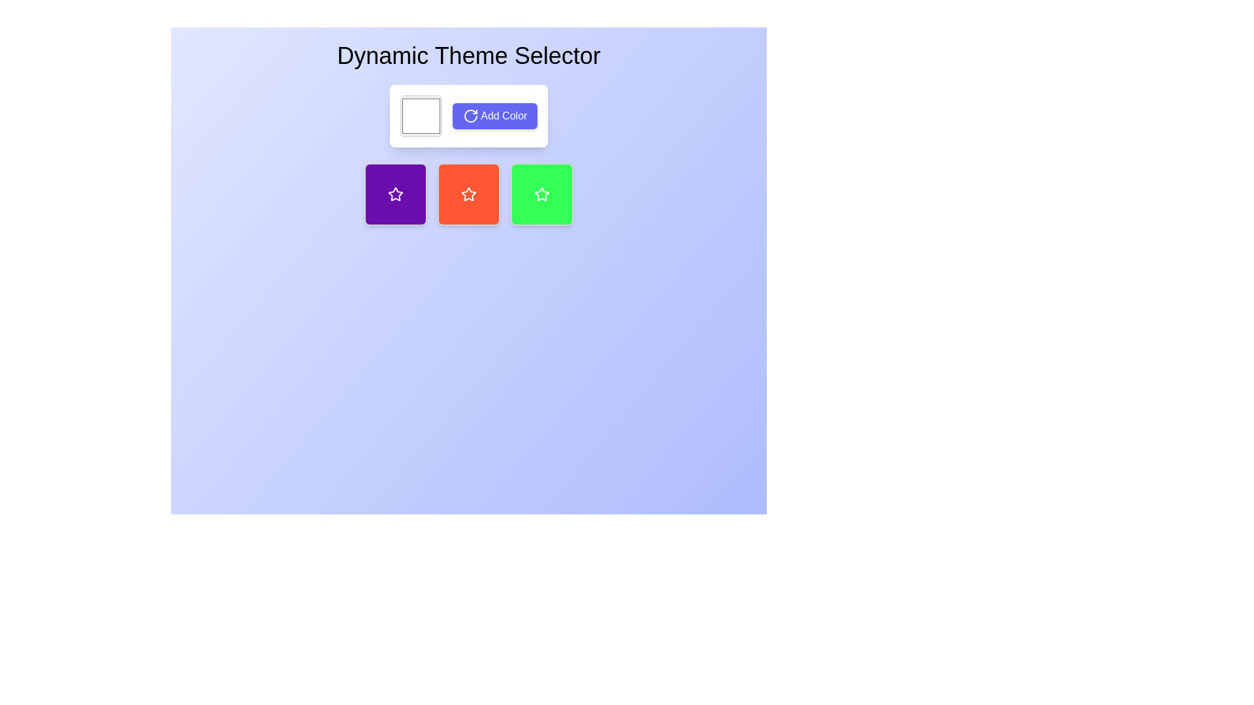  Describe the element at coordinates (469, 115) in the screenshot. I see `the 'Add Color' button in the Dynamic Theme Selector to receive interactive feedback` at that location.